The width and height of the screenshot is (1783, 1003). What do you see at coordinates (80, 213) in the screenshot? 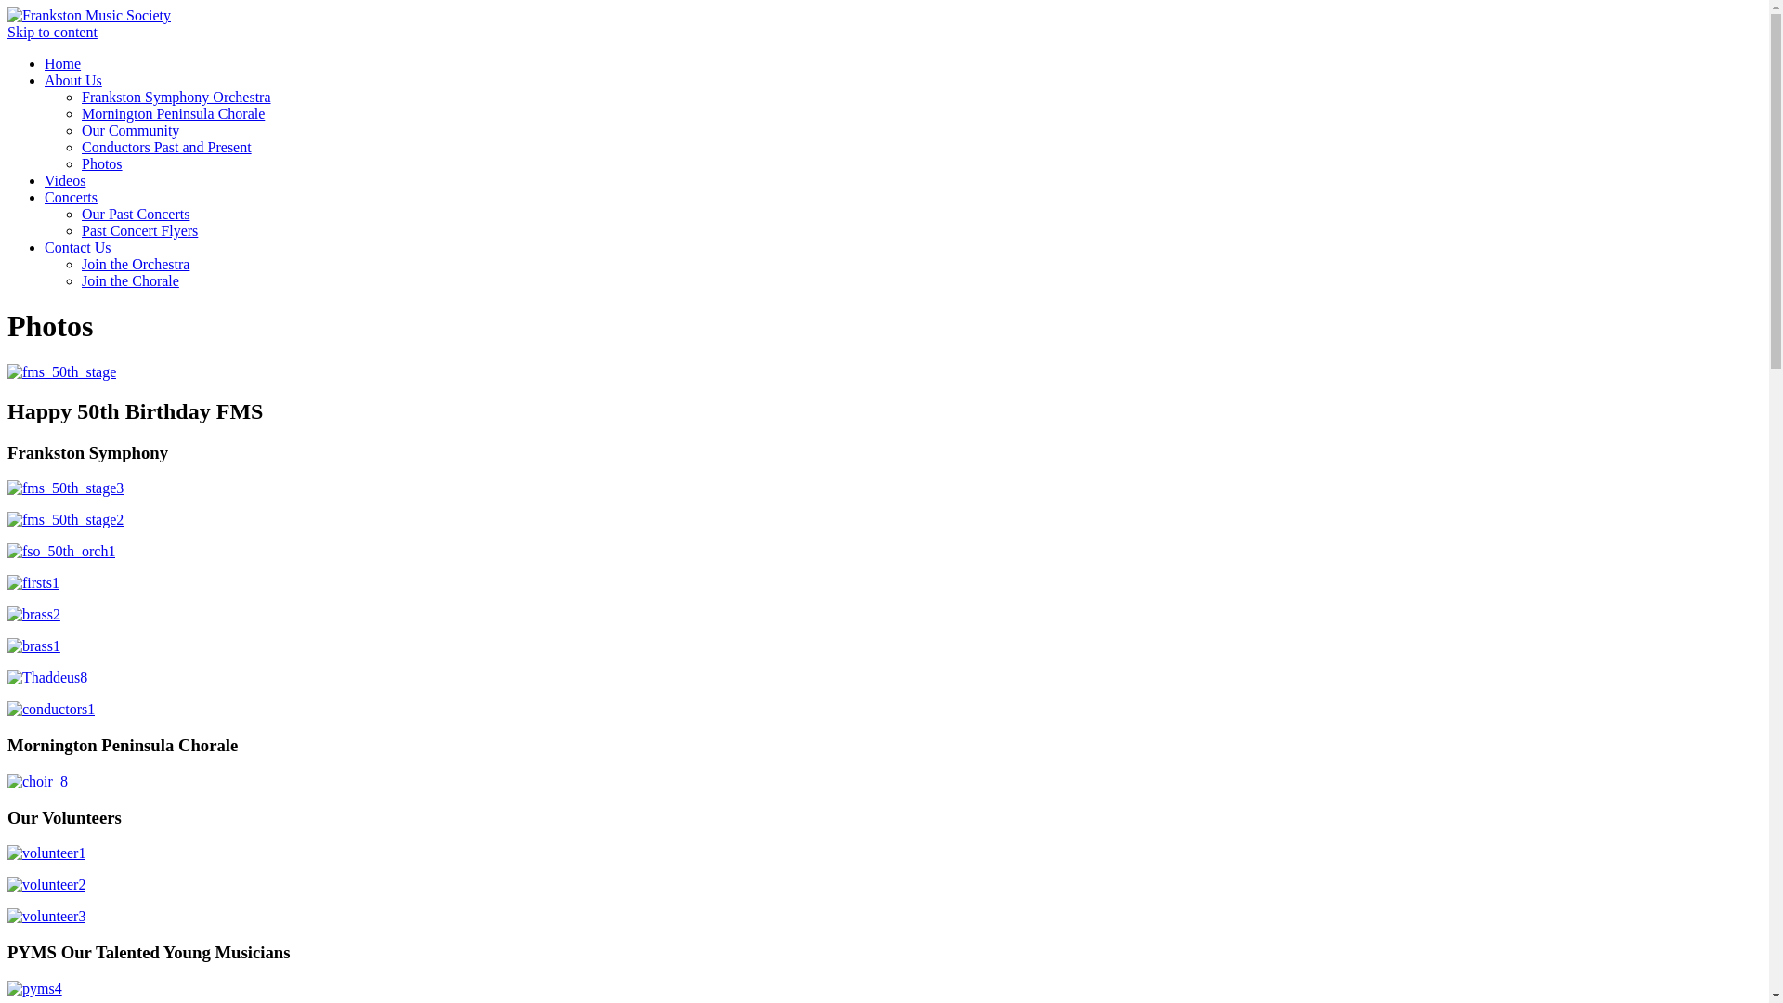
I see `'Our Past Concerts'` at bounding box center [80, 213].